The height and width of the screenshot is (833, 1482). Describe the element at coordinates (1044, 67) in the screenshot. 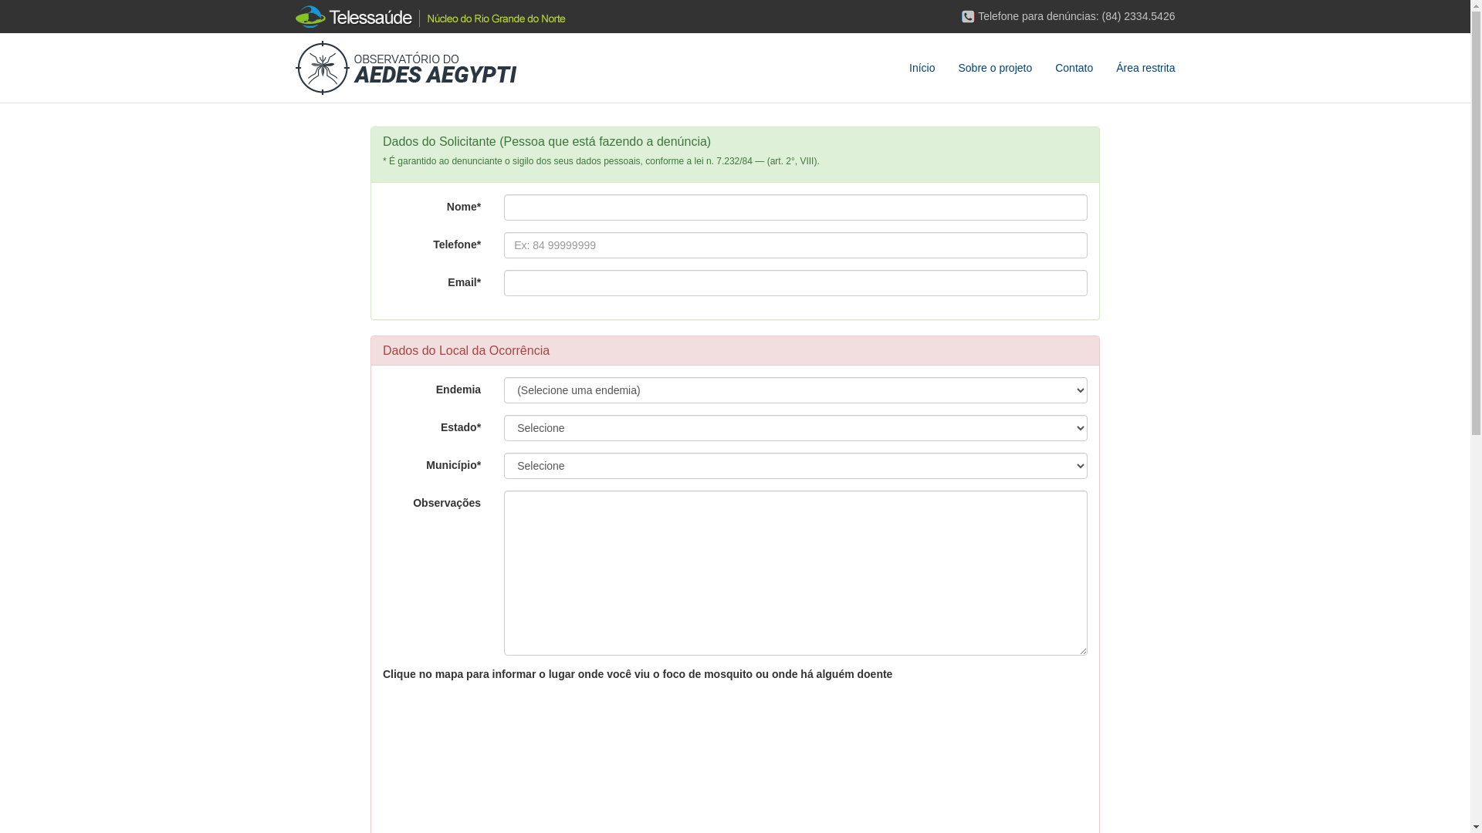

I see `'Contato'` at that location.